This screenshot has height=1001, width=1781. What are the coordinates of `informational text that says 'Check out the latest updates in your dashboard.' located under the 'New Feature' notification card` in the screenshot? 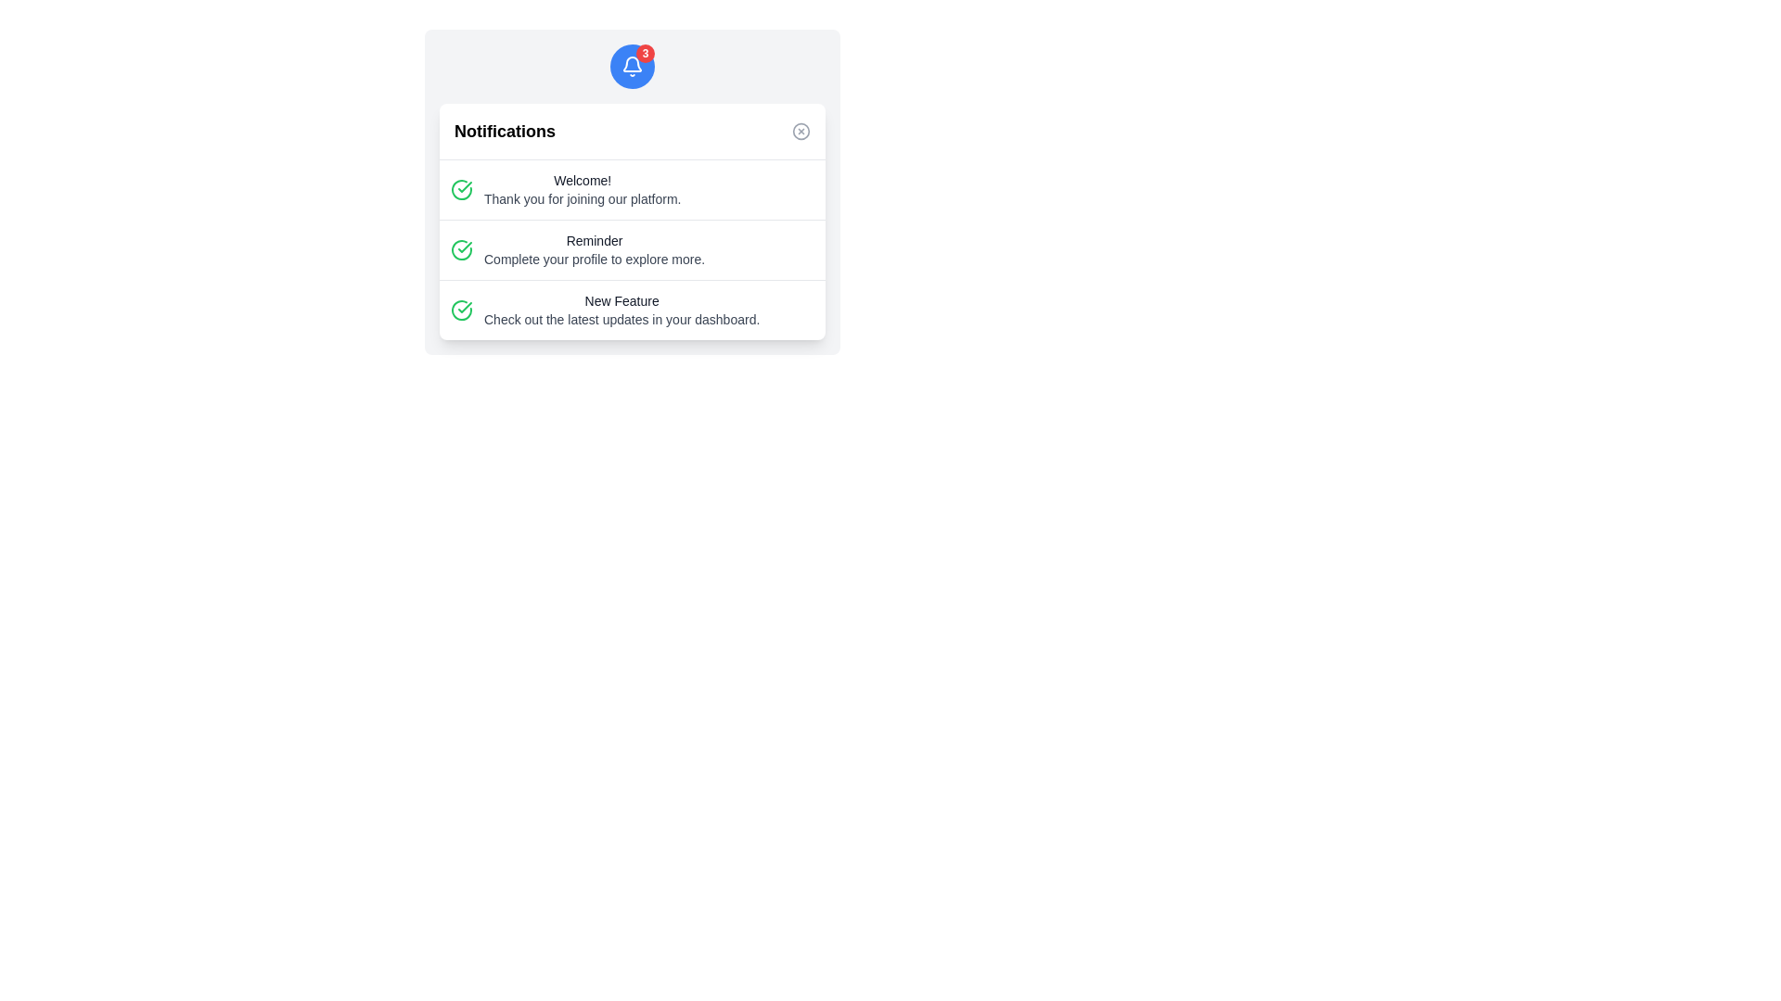 It's located at (621, 318).